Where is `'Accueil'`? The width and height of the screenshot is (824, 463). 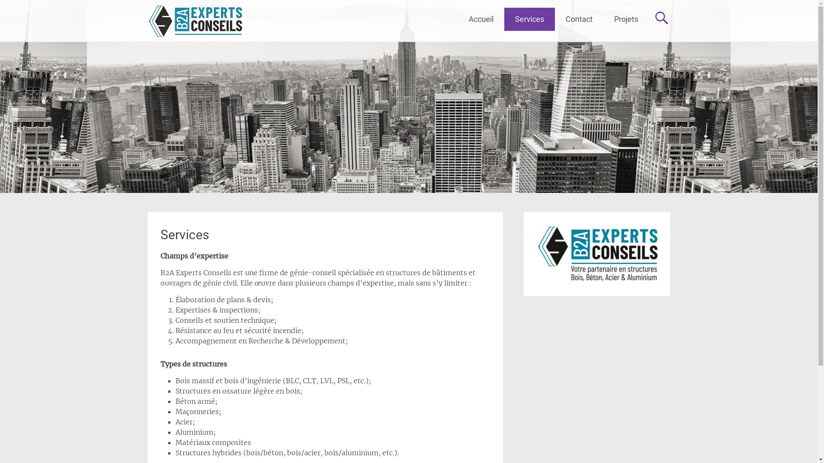
'Accueil' is located at coordinates (480, 19).